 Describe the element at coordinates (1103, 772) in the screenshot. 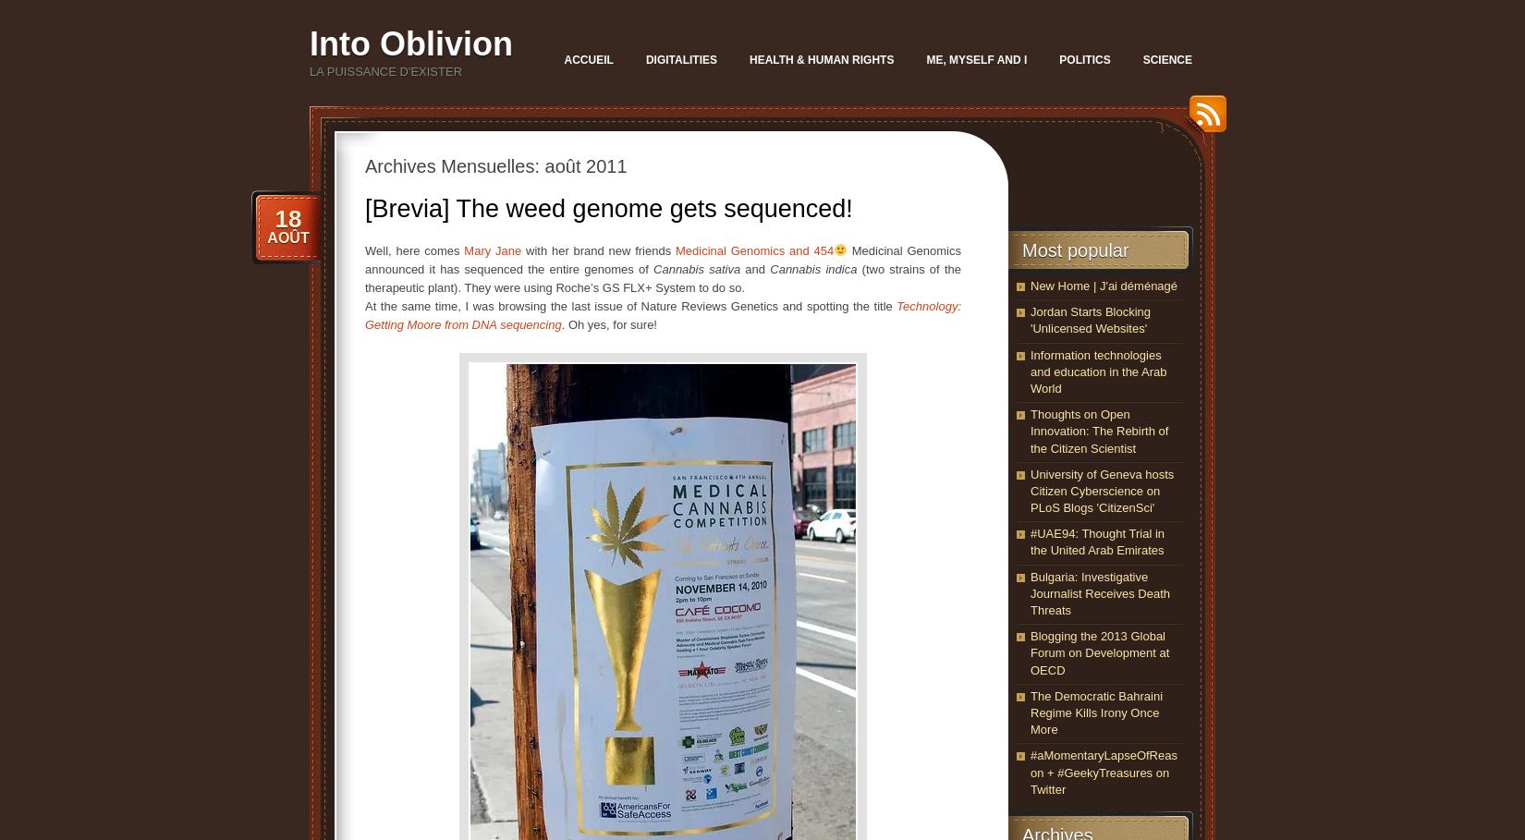

I see `'#aMomentaryLapseOfReason + #GeekyTreasures on Twitter'` at that location.